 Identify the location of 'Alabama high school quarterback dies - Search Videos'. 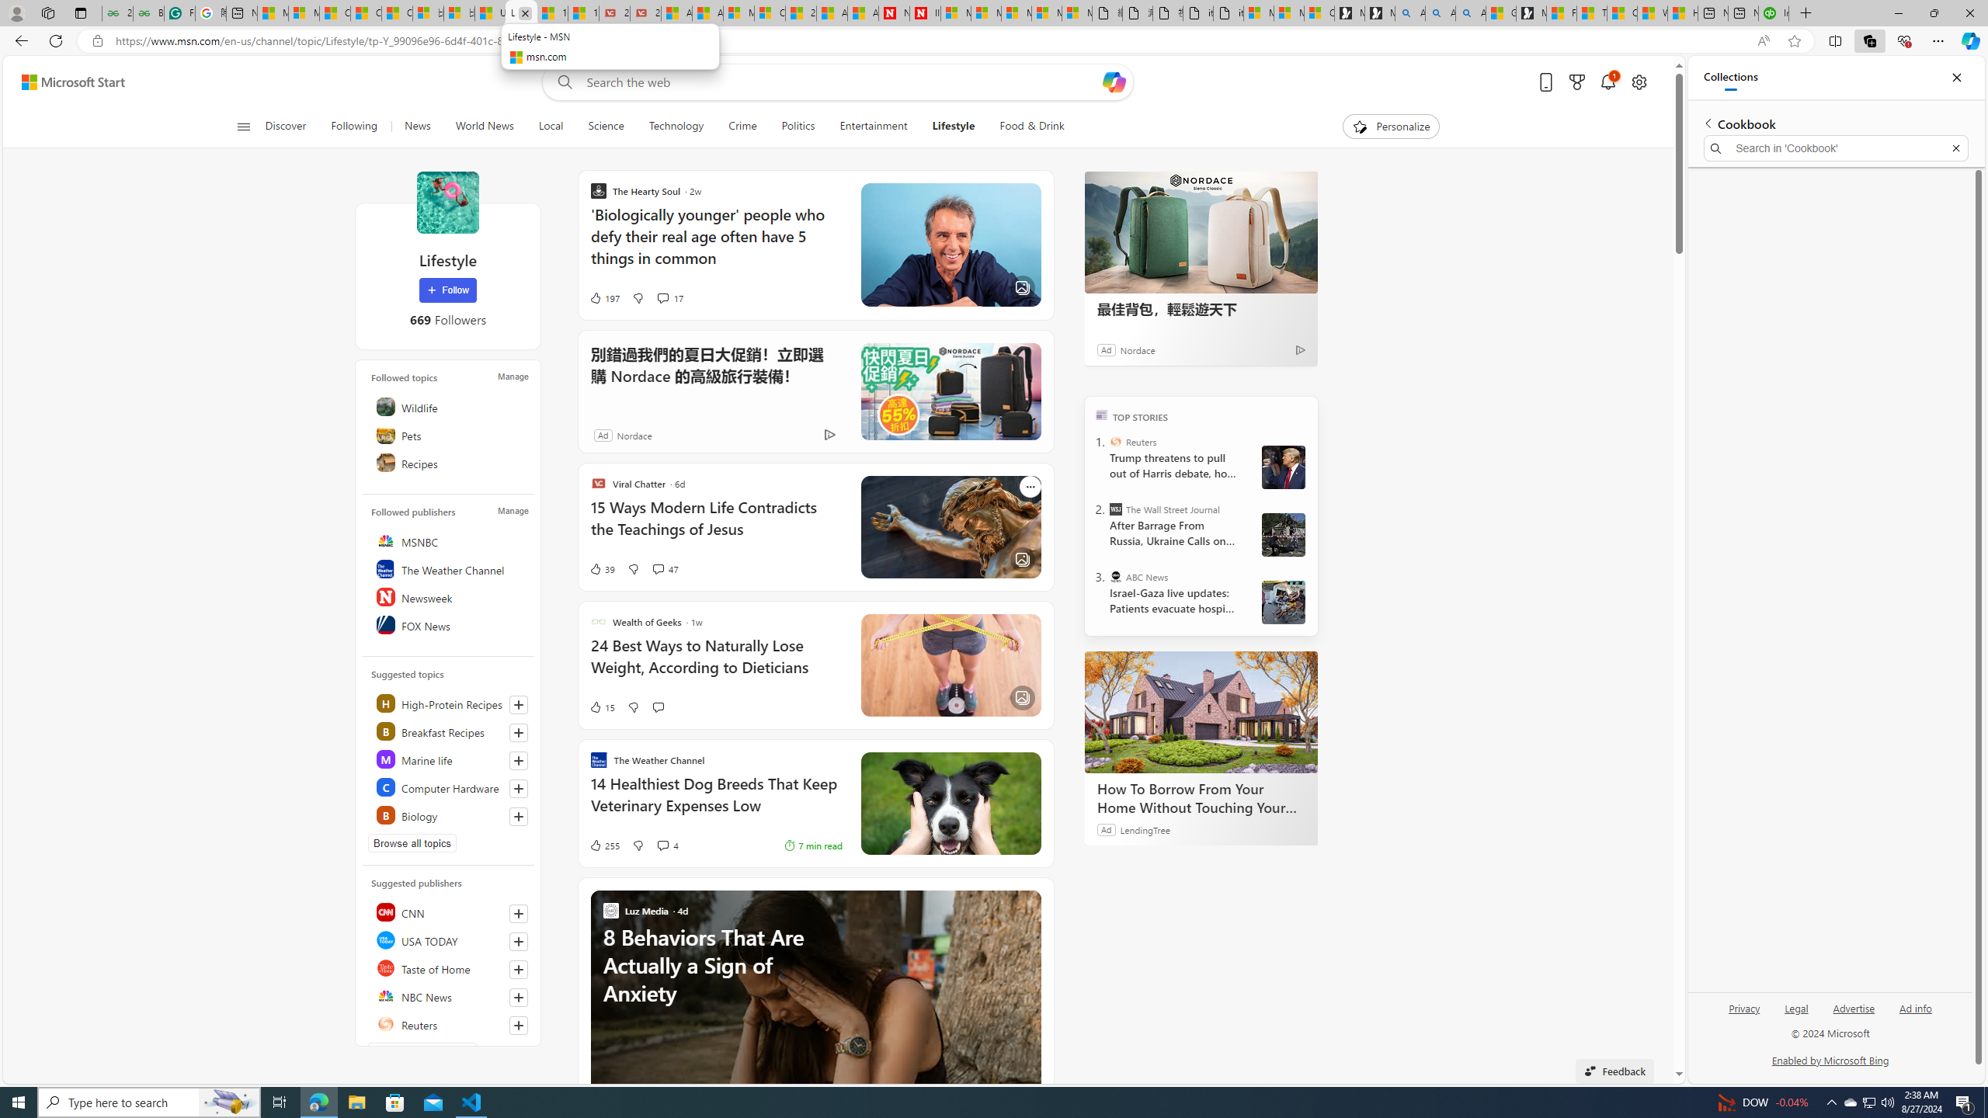
(1470, 12).